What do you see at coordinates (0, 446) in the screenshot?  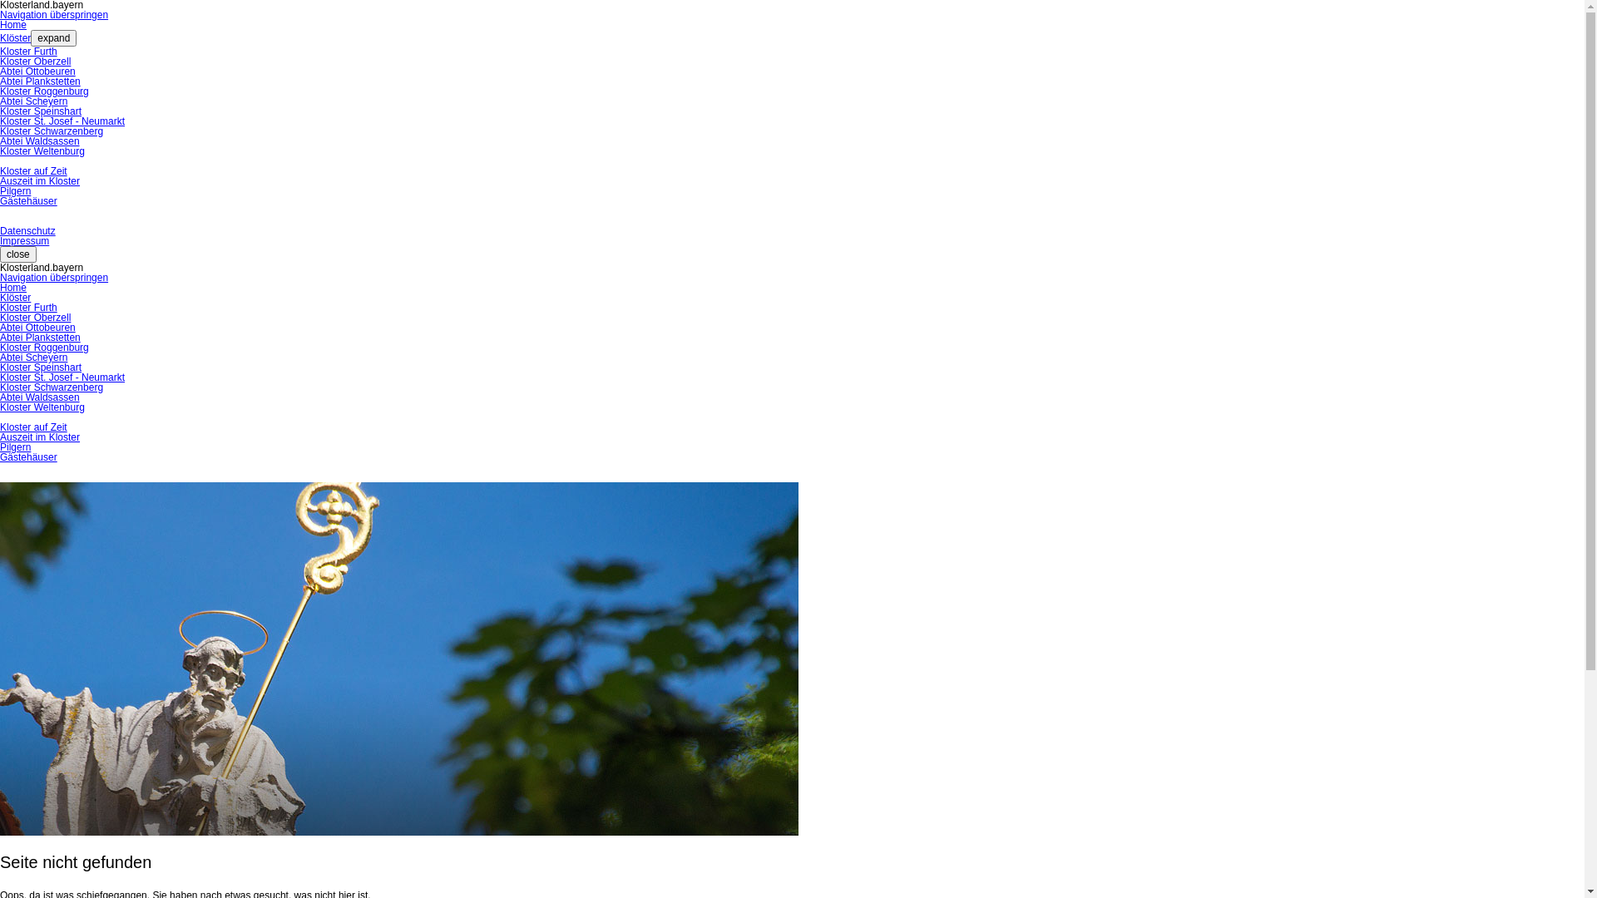 I see `'Pilgern'` at bounding box center [0, 446].